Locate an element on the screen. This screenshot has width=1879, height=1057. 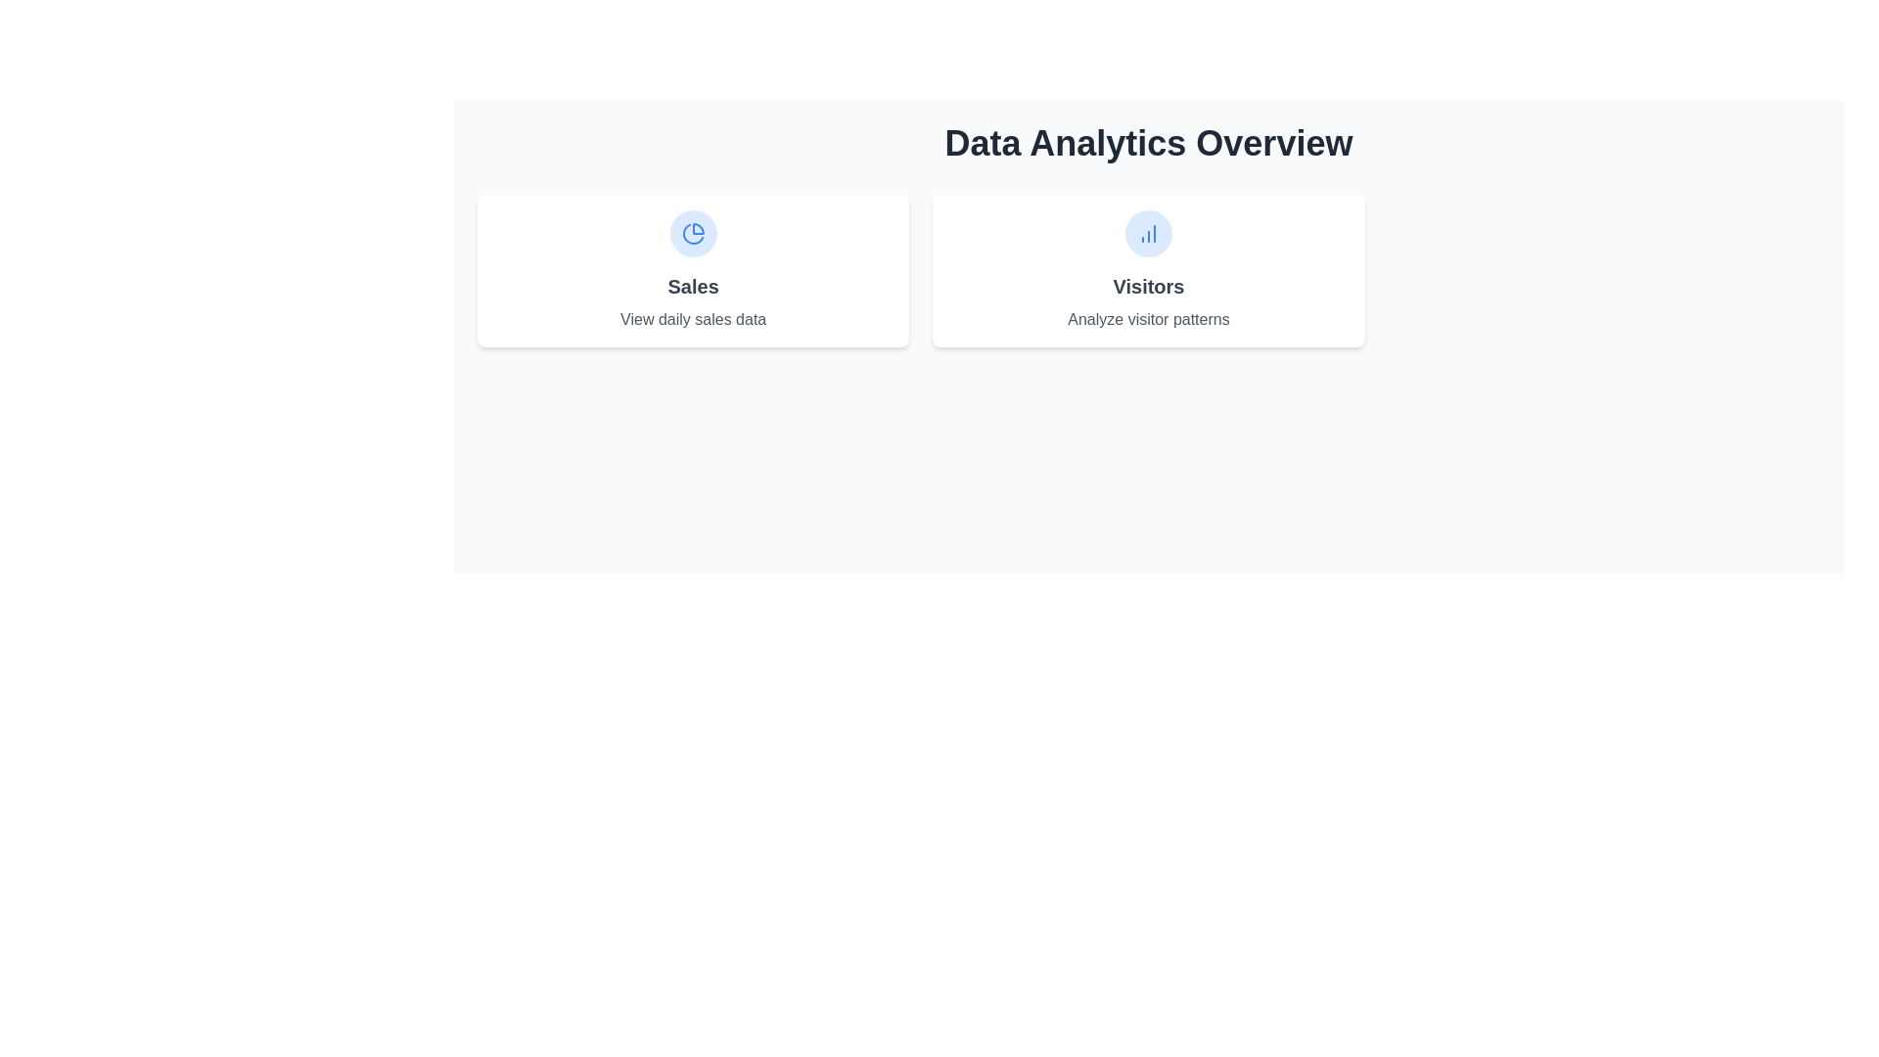
the inner segment of the pie chart icon located within the 'Sales' card on the left side of the page is located at coordinates (698, 228).